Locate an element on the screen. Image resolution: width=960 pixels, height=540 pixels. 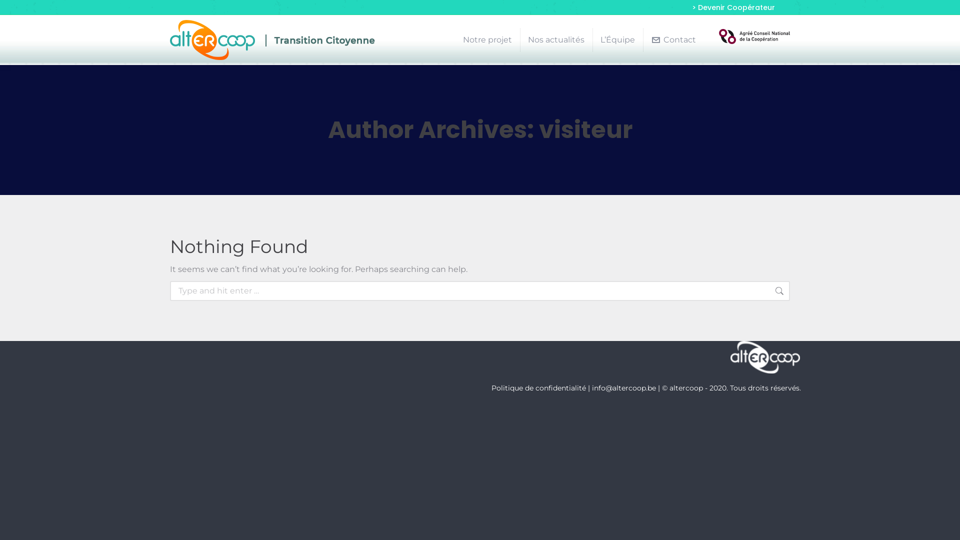
'Contact' is located at coordinates (673, 39).